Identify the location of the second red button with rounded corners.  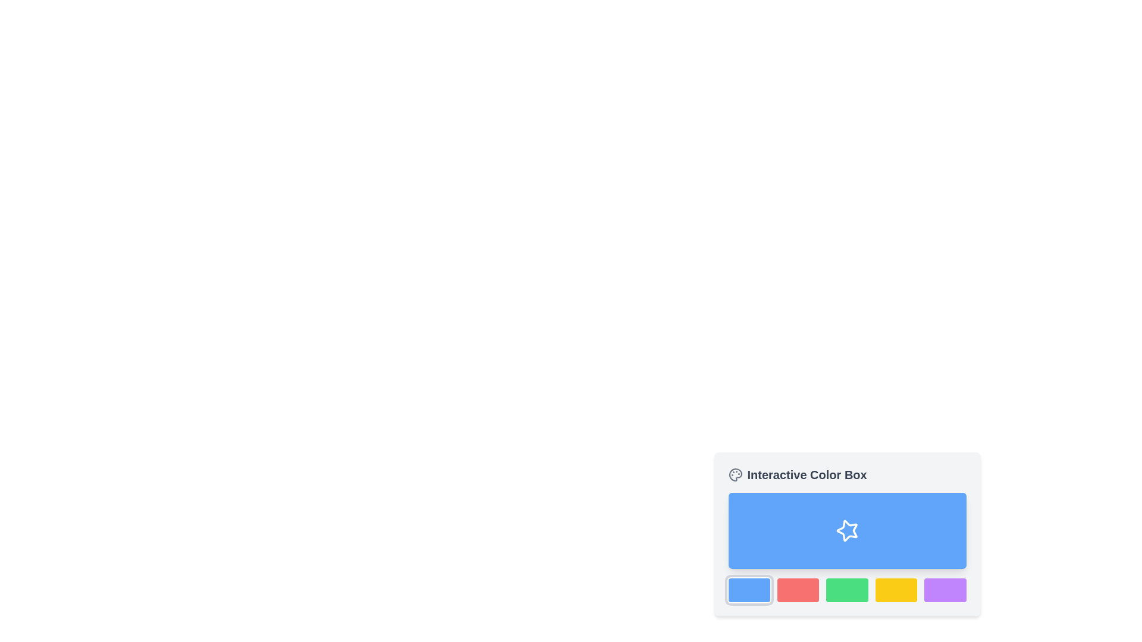
(798, 590).